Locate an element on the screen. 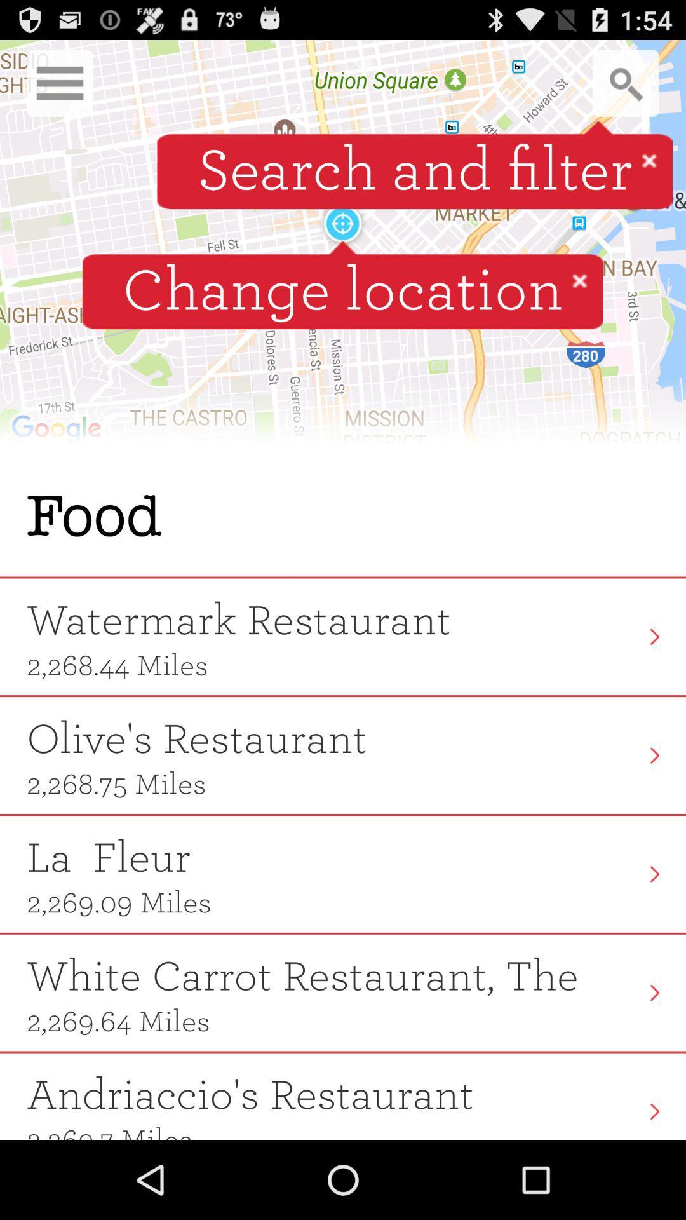  search button is located at coordinates (625, 83).